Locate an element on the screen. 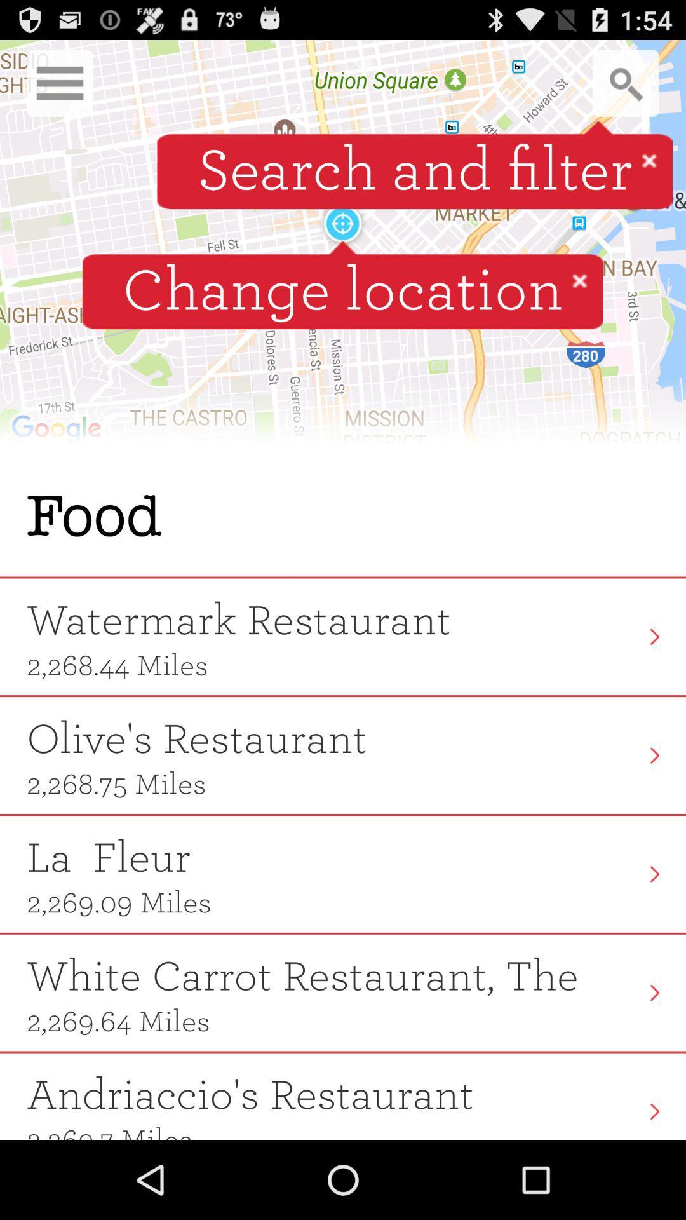  search button is located at coordinates (625, 83).